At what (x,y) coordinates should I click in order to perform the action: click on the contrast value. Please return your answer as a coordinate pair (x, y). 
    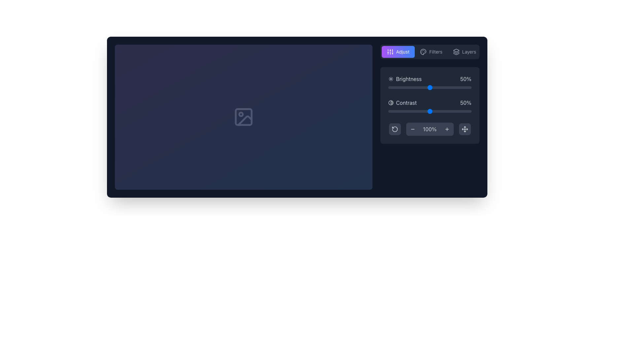
    Looking at the image, I should click on (404, 111).